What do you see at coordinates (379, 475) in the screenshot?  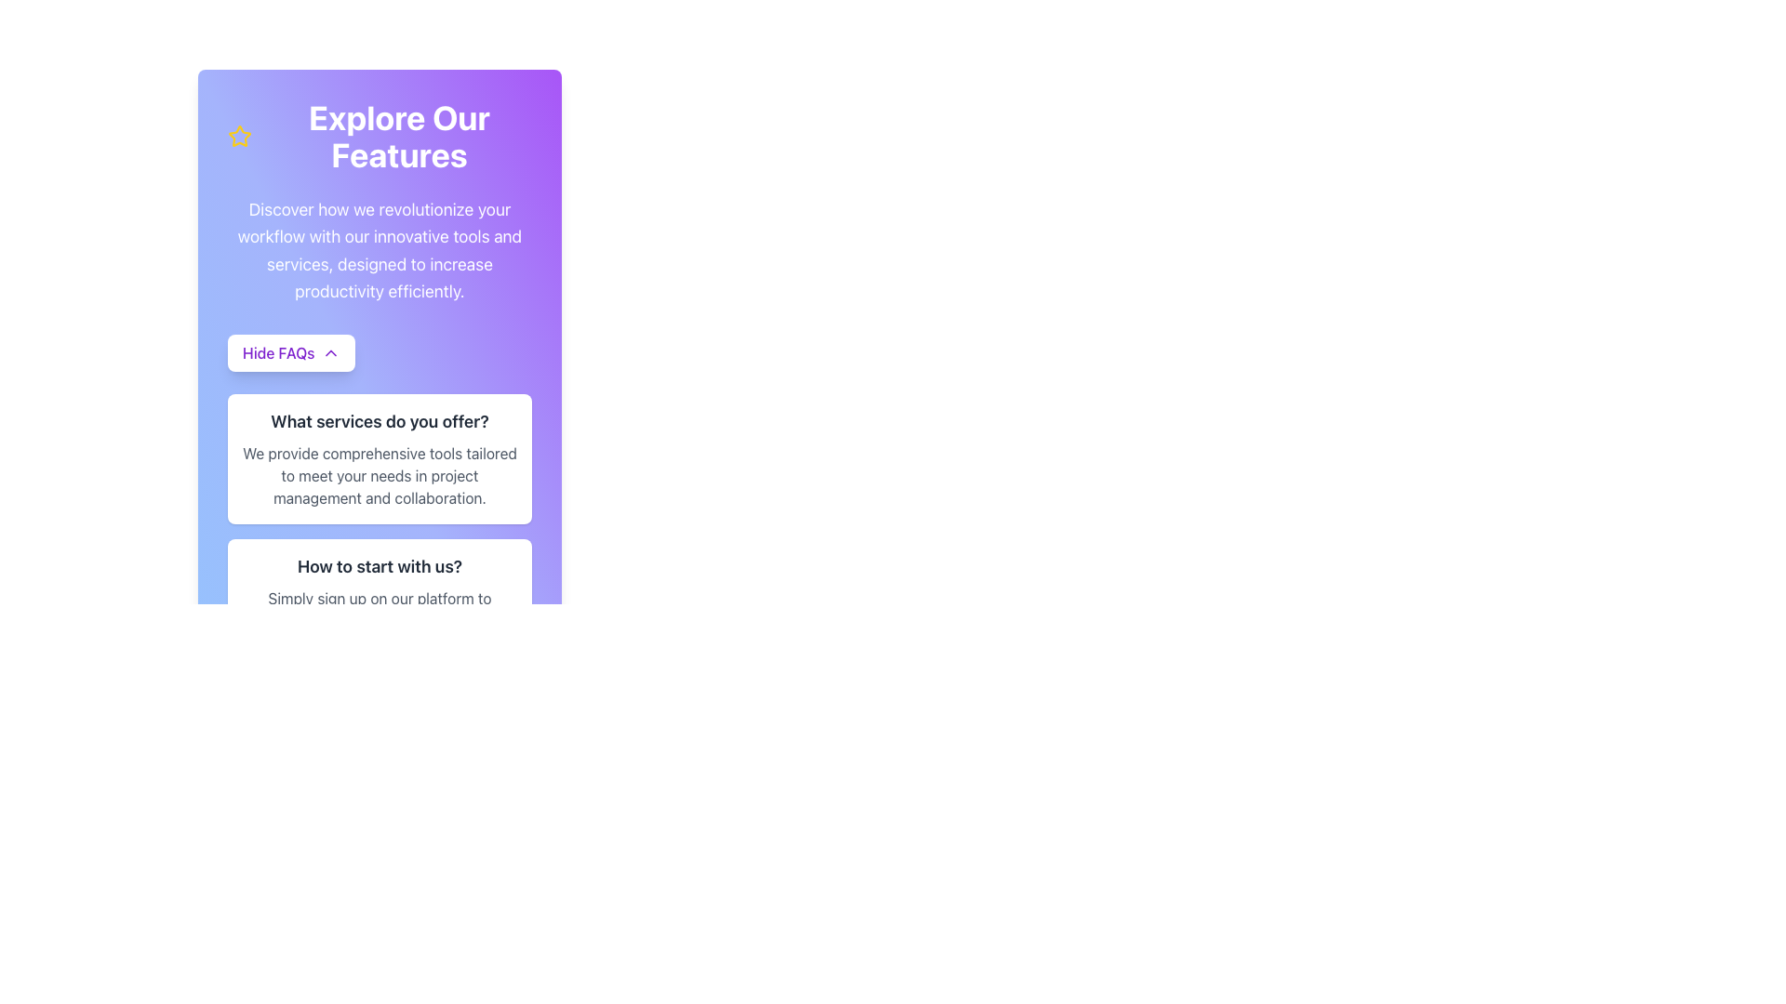 I see `the text block displaying 'We provide comprehensive tools tailored to meet your needs in project management and collaboration.' located below the title 'What services do you offer?'` at bounding box center [379, 475].